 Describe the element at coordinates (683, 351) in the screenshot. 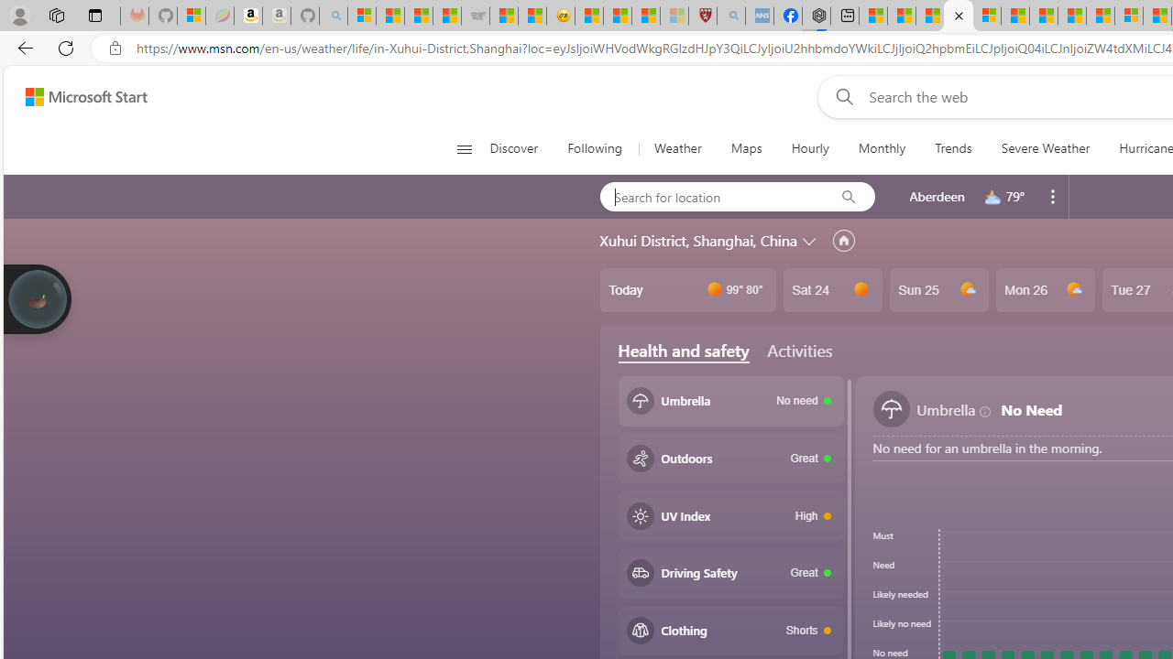

I see `'Health and safety'` at that location.